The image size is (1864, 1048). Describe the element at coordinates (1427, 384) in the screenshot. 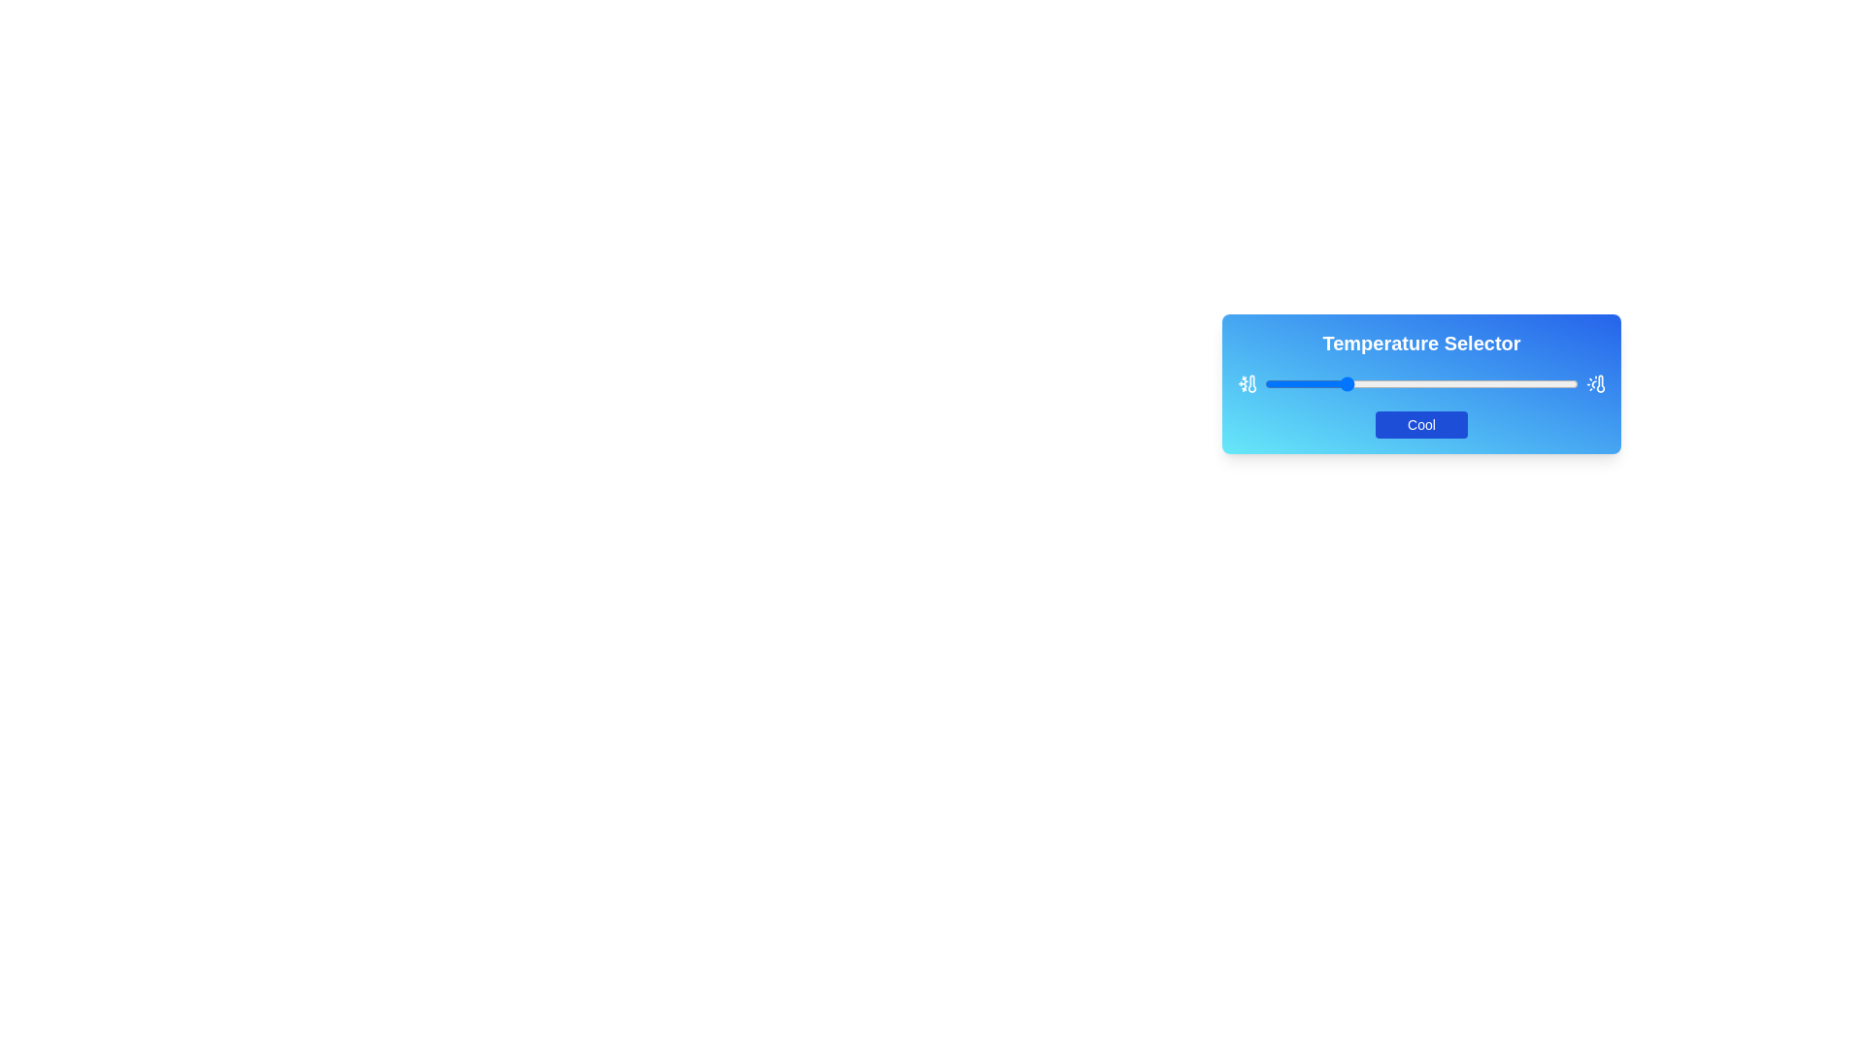

I see `the slider to set the temperature to 52` at that location.